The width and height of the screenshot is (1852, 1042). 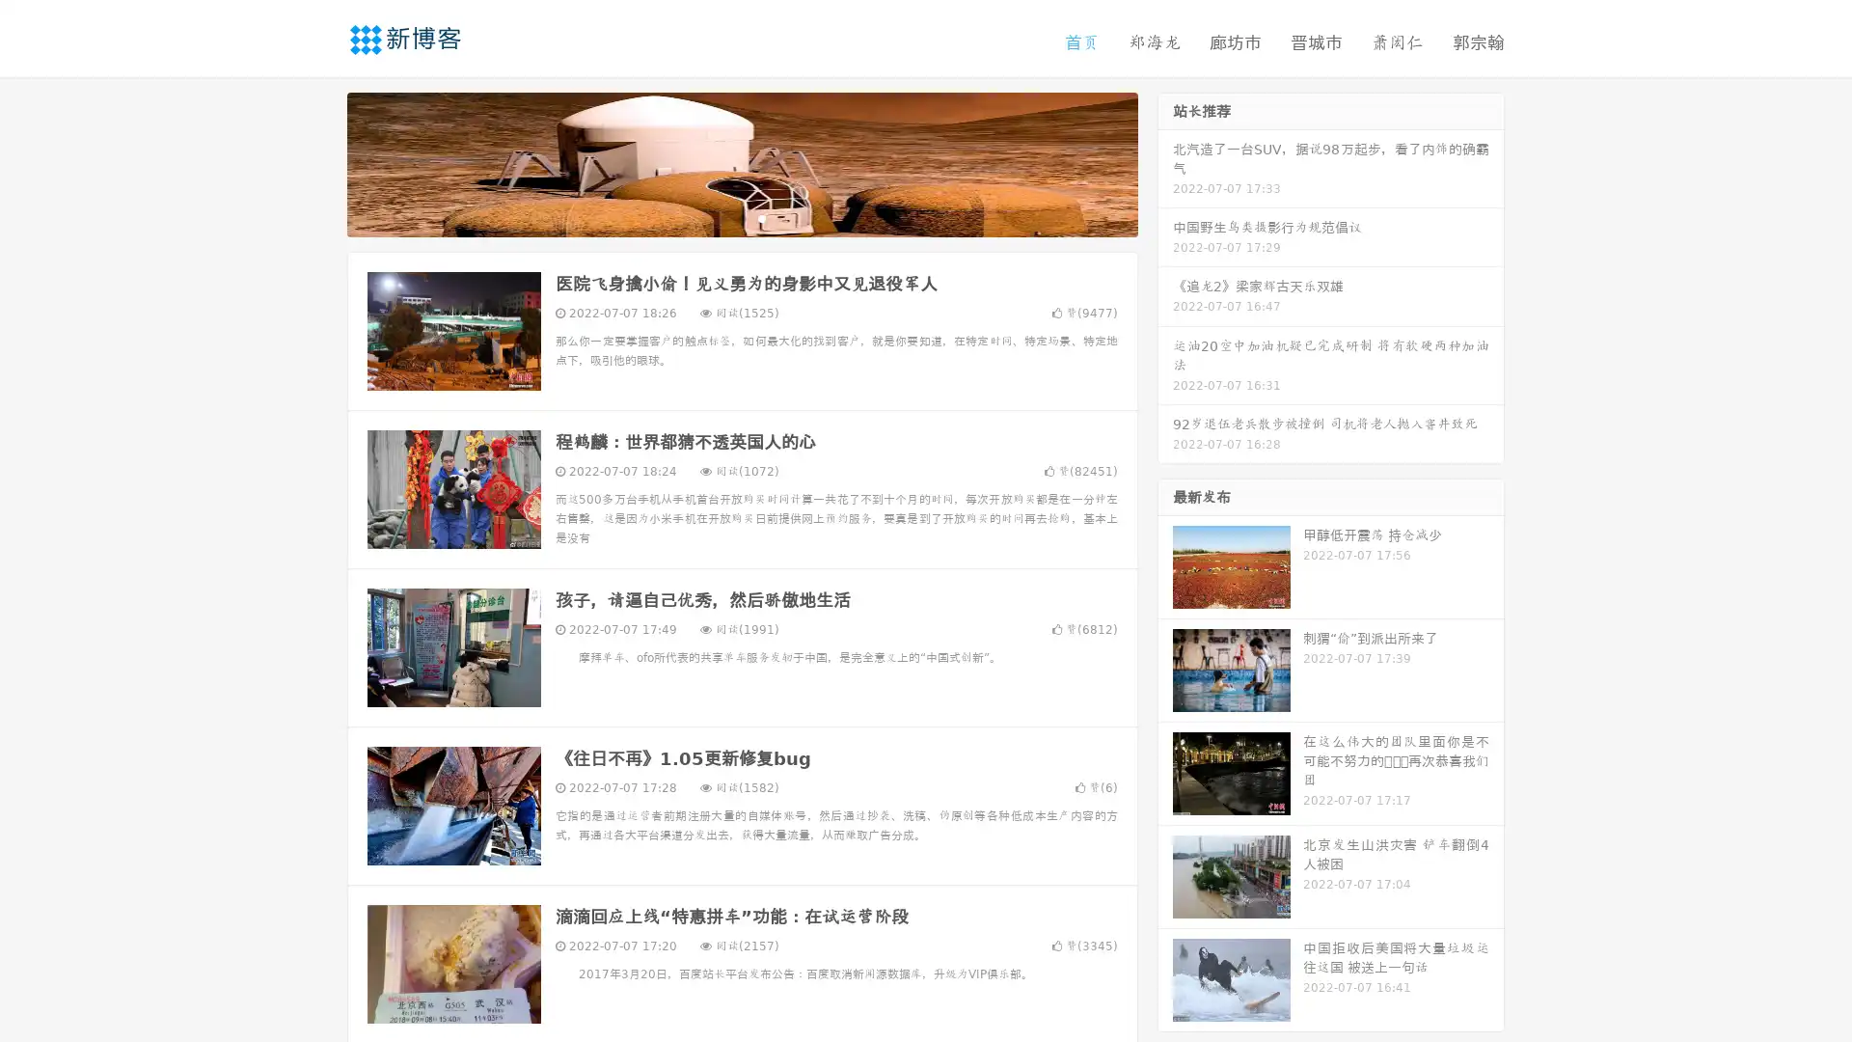 What do you see at coordinates (318, 162) in the screenshot?
I see `Previous slide` at bounding box center [318, 162].